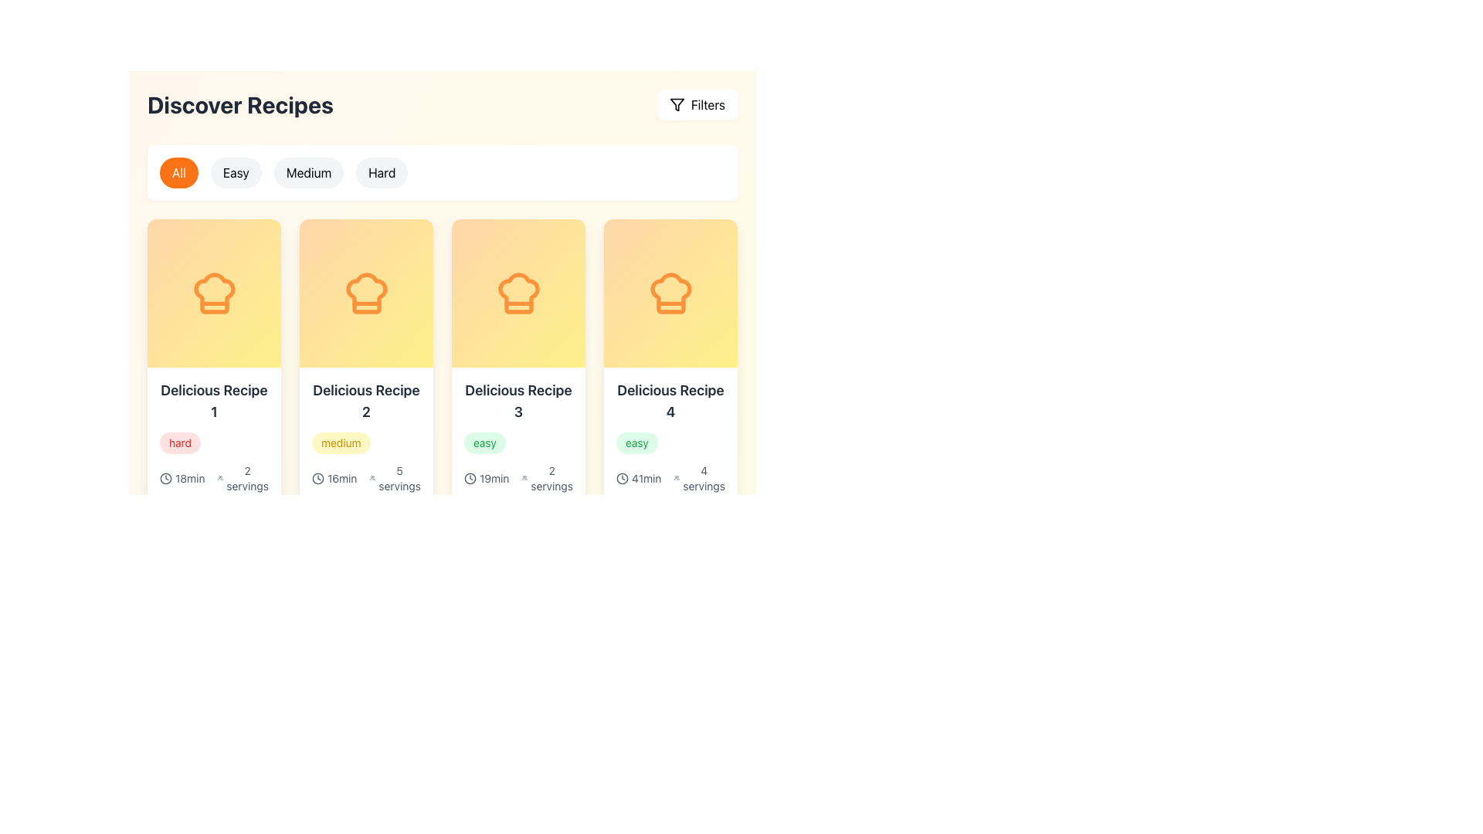 This screenshot has width=1483, height=834. What do you see at coordinates (677, 104) in the screenshot?
I see `the filtering icon located in the top-right of the user interface, next to the 'Filters' label` at bounding box center [677, 104].